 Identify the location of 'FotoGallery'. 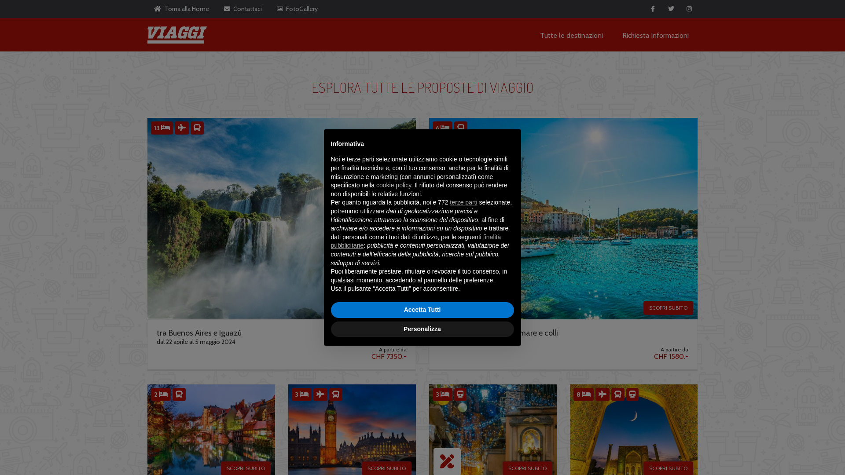
(297, 9).